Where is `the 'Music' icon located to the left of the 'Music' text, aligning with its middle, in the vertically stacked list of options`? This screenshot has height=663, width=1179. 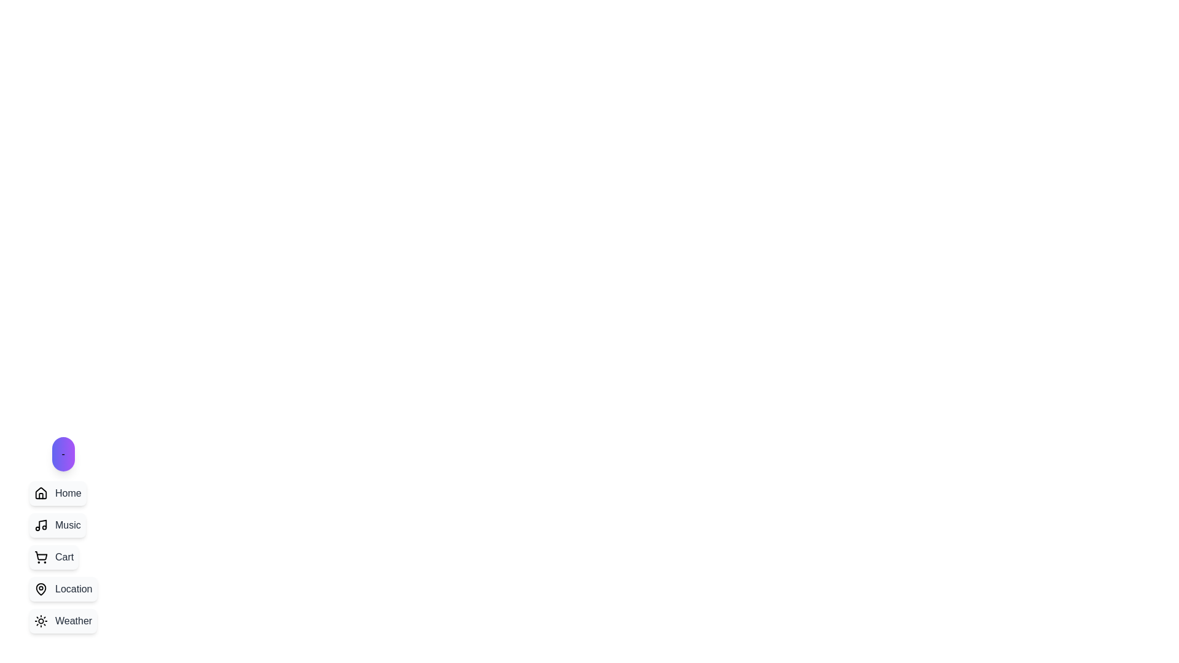 the 'Music' icon located to the left of the 'Music' text, aligning with its middle, in the vertically stacked list of options is located at coordinates (41, 525).